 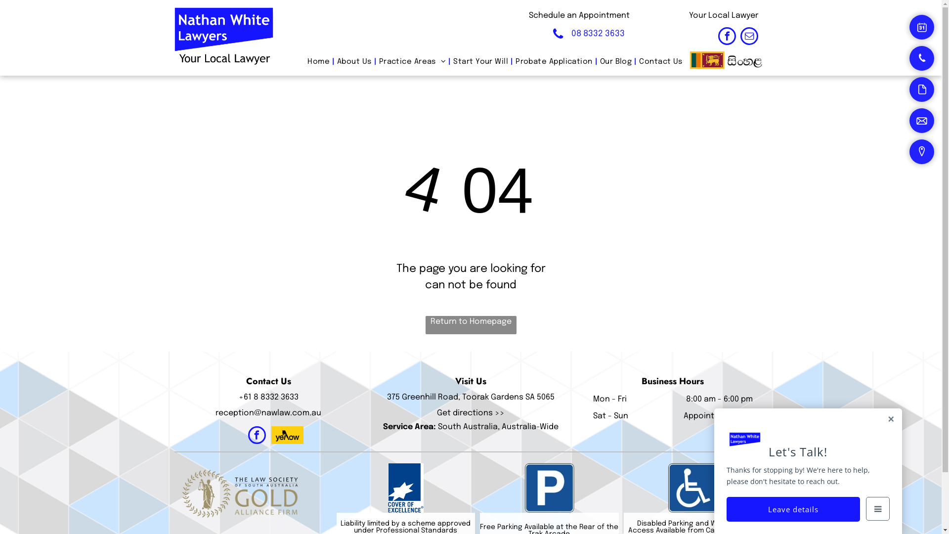 I want to click on '08 8332 3633', so click(x=591, y=33).